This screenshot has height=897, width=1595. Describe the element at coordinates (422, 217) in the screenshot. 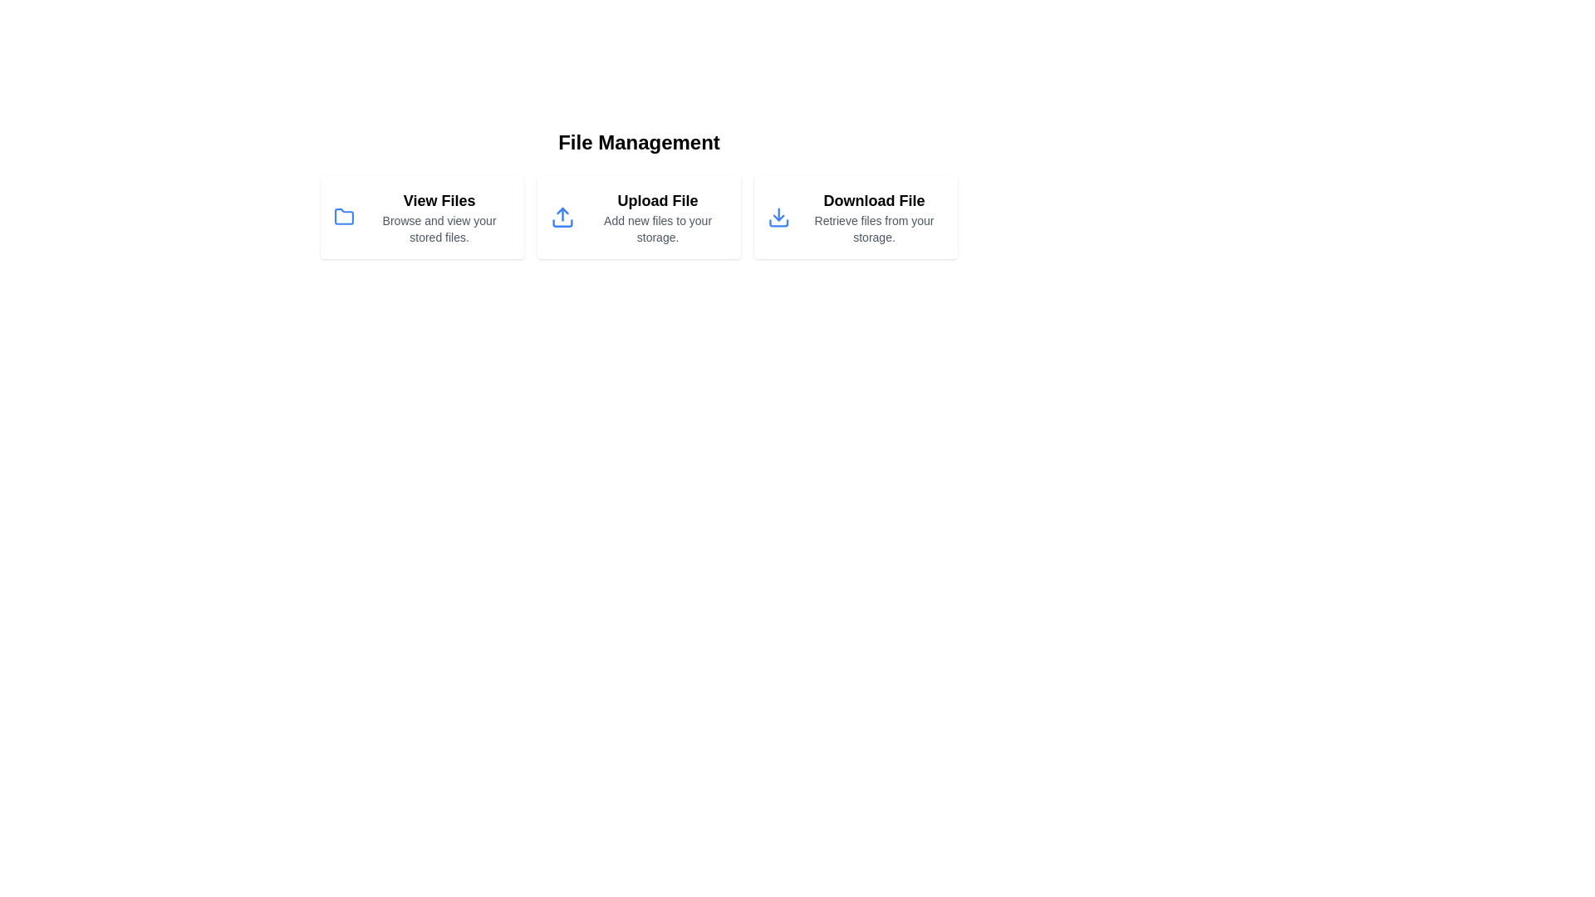

I see `the Interactive Card, which is the first card in a row of three, providing access` at that location.